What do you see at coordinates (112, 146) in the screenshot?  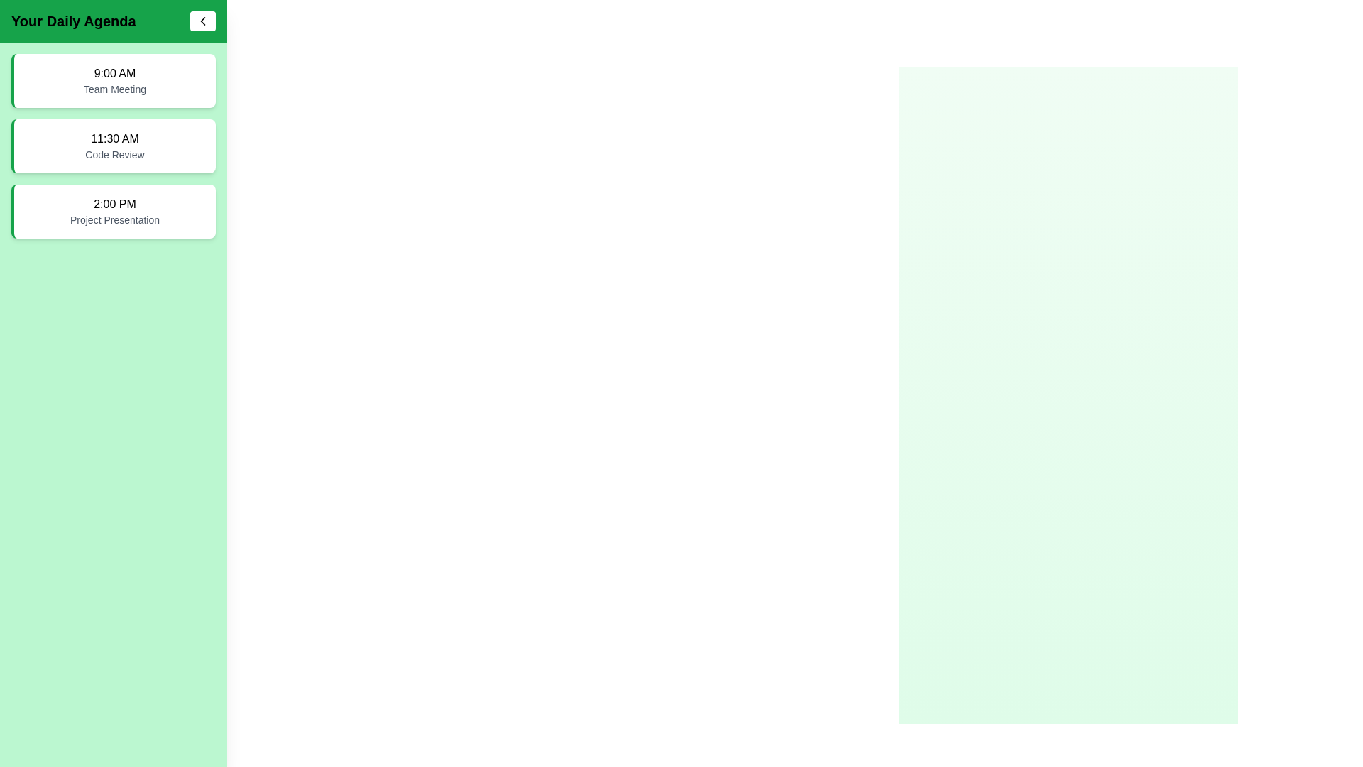 I see `the informational card displaying '11:30 AM' and 'Code Review', which is the second card in a vertical list of similar cards` at bounding box center [112, 146].